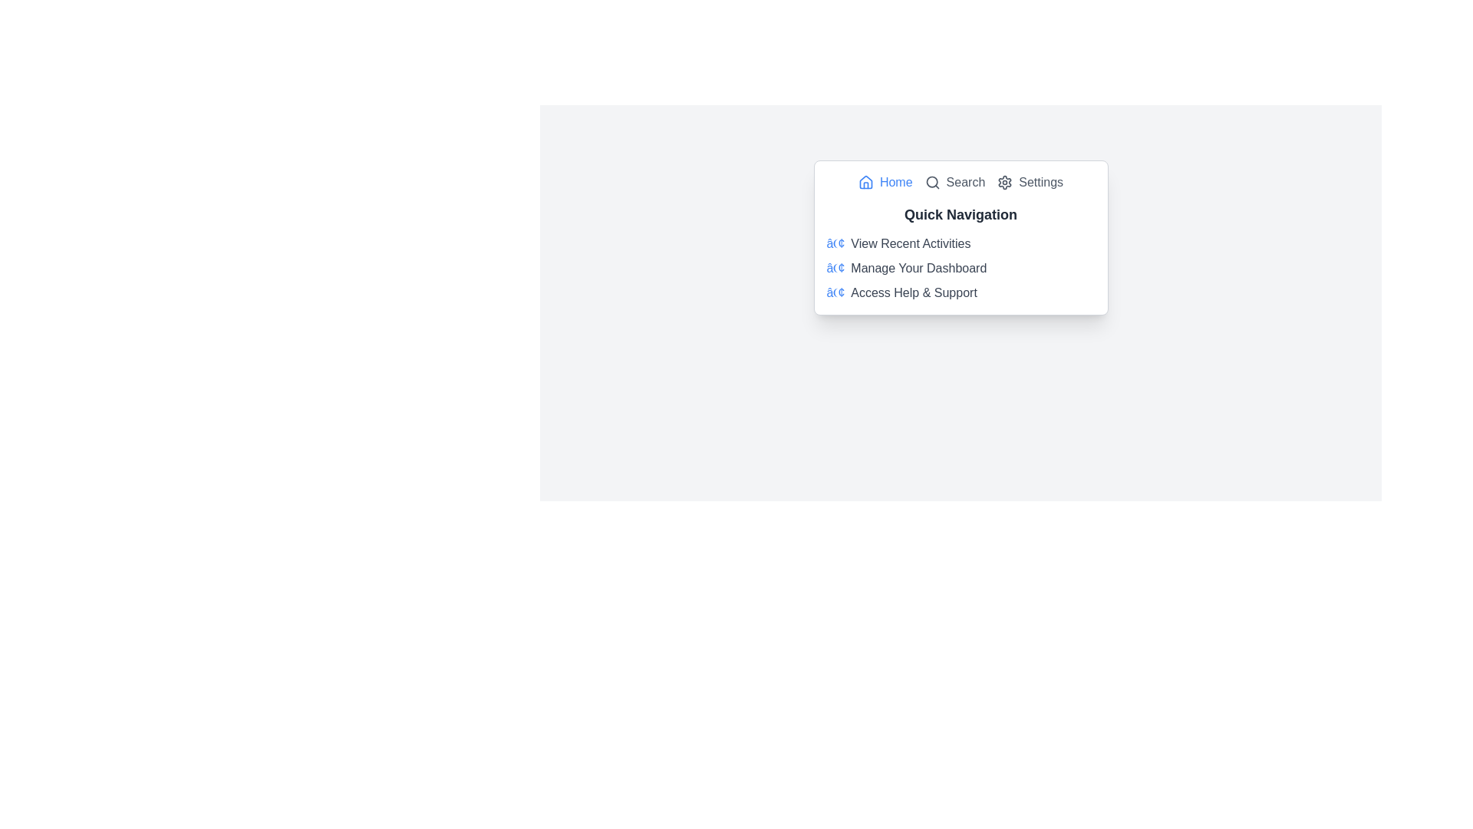  What do you see at coordinates (835, 292) in the screenshot?
I see `the blue bullet point icon located to the left of the 'Access Help & Support' text in the navigation list` at bounding box center [835, 292].